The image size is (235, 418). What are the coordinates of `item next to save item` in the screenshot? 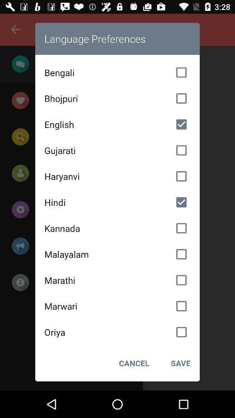 It's located at (134, 363).